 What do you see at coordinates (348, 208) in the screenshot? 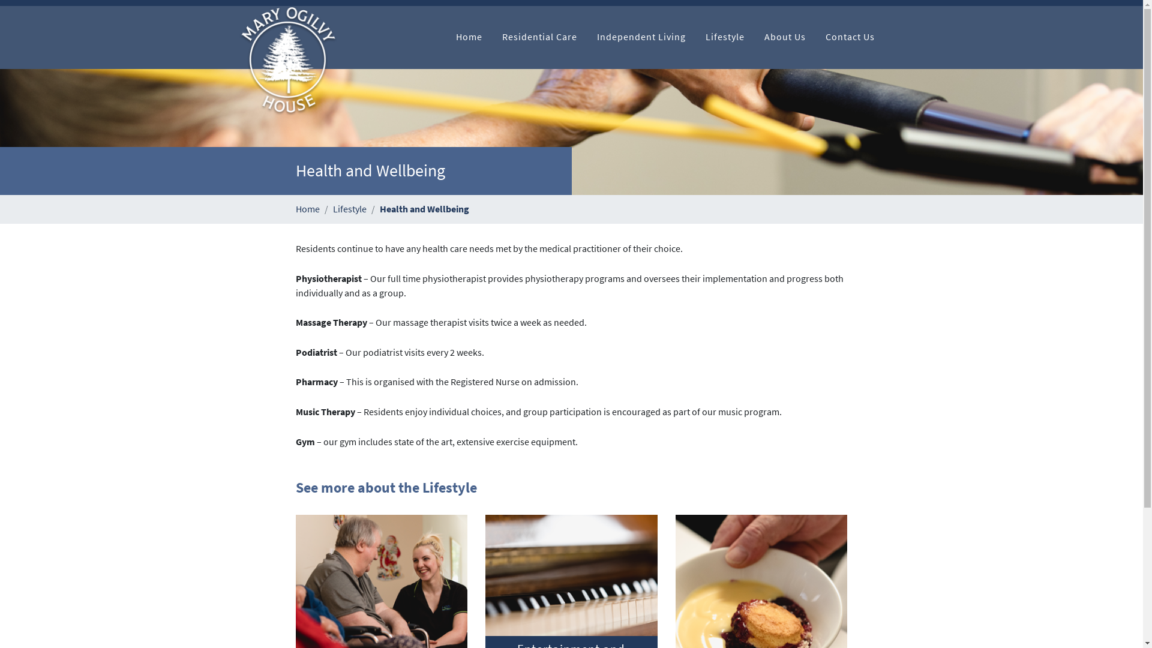
I see `'Lifestyle'` at bounding box center [348, 208].